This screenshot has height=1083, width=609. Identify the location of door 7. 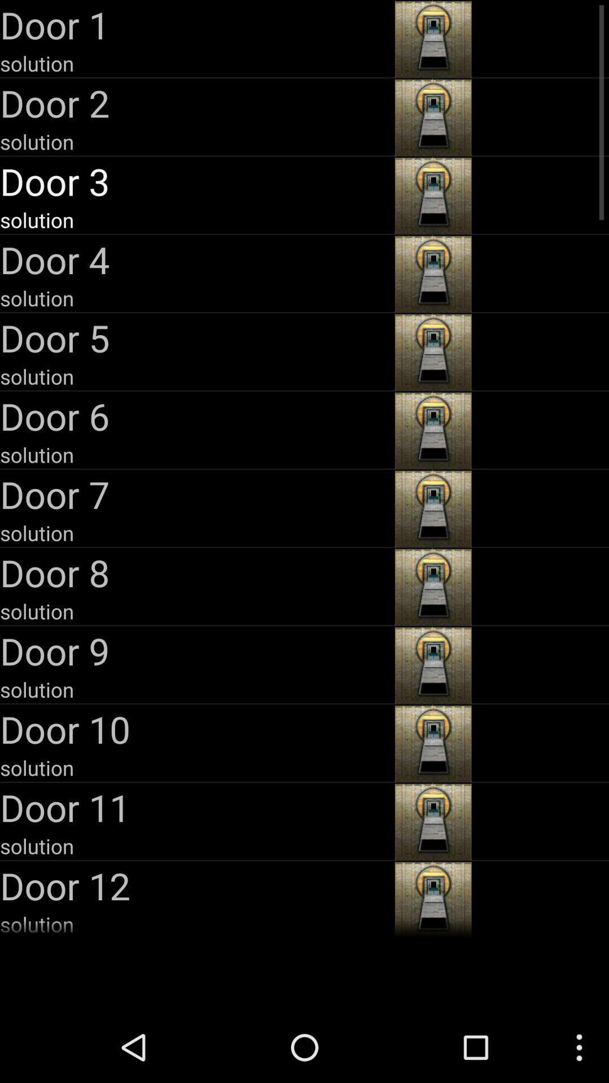
(195, 494).